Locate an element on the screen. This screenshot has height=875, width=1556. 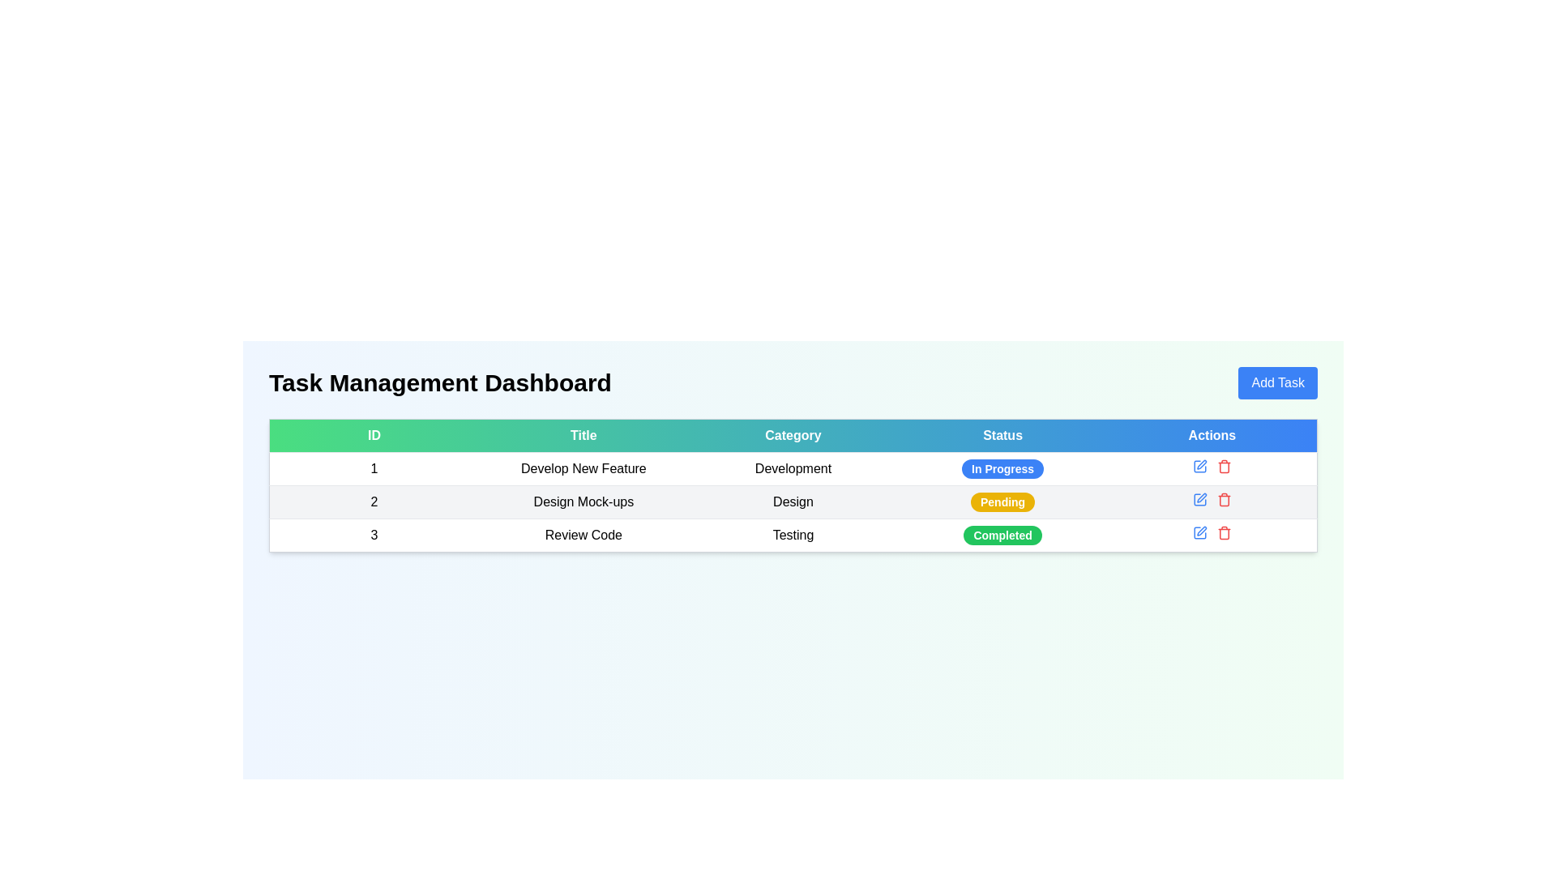
the button located in the top-right corner of the 'Task Management Dashboard' is located at coordinates (1277, 383).